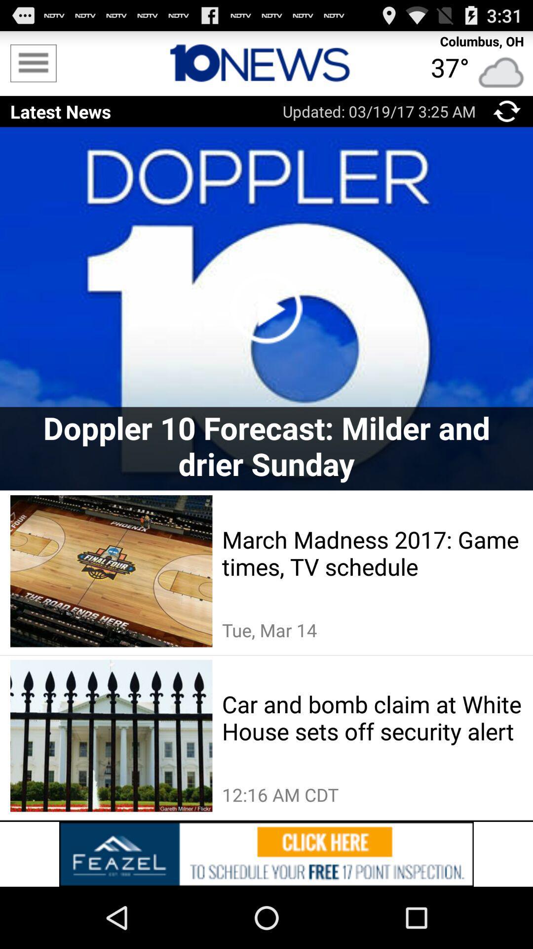 This screenshot has width=533, height=949. What do you see at coordinates (507, 111) in the screenshot?
I see `previous` at bounding box center [507, 111].